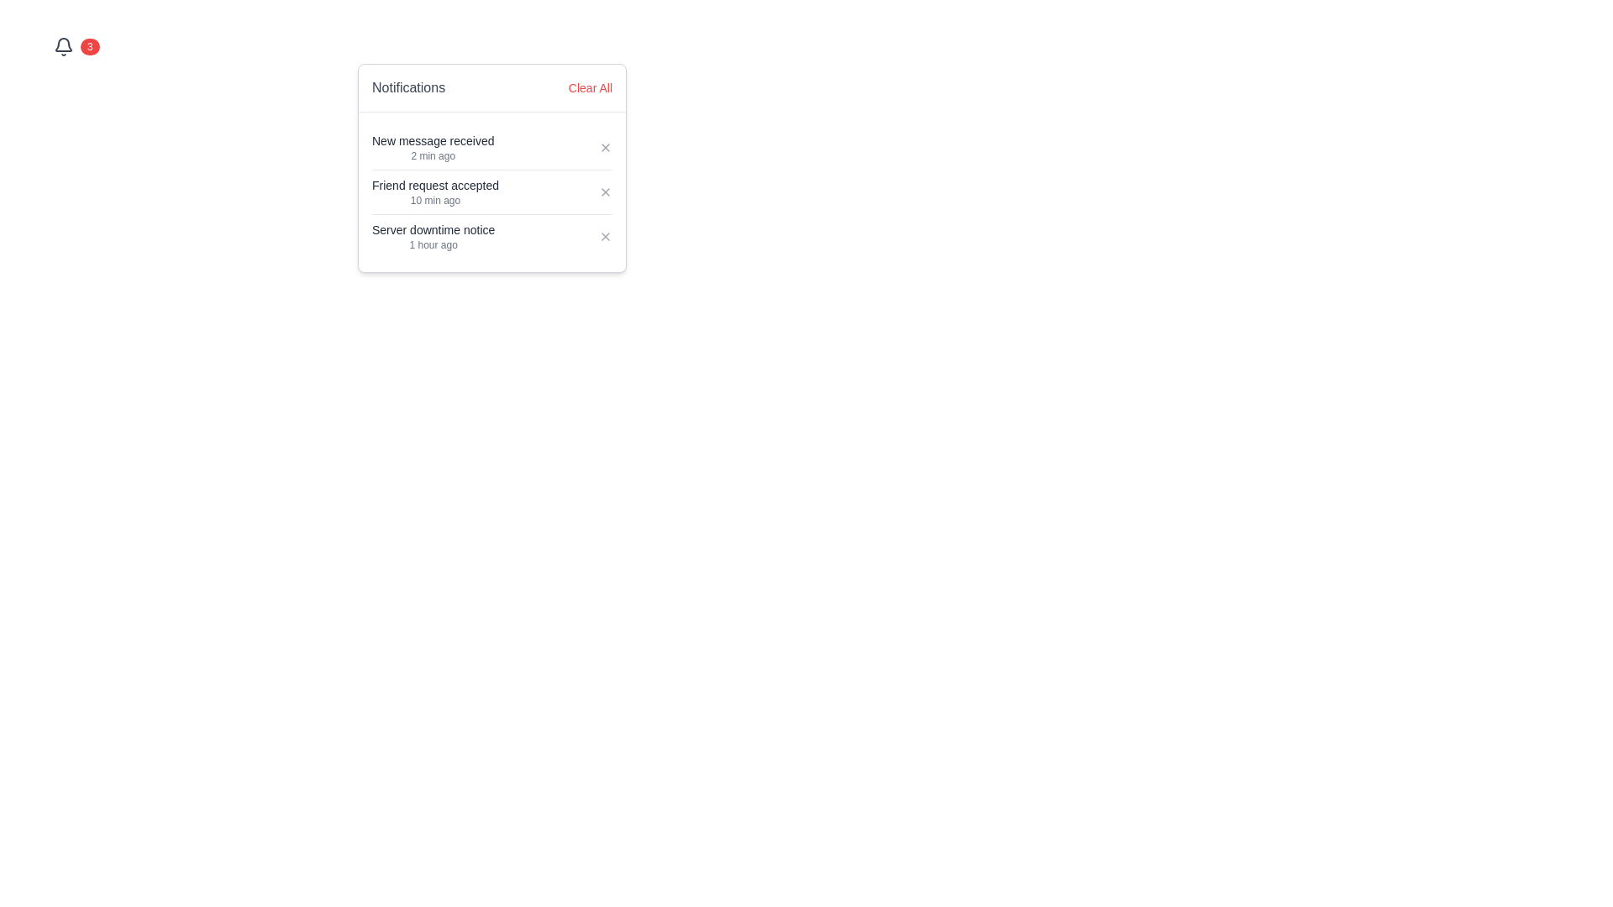  I want to click on the text element that informs the user about a server downtime notice, which is the first part of the third notification entry in a vertically stacked list, so click(433, 229).